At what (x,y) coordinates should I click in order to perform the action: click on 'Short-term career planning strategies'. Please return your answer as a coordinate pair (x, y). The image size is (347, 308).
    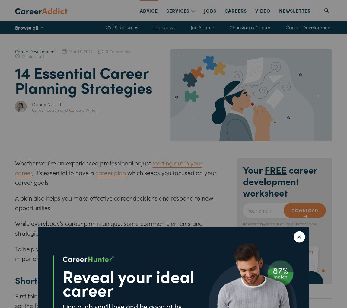
    Looking at the image, I should click on (96, 280).